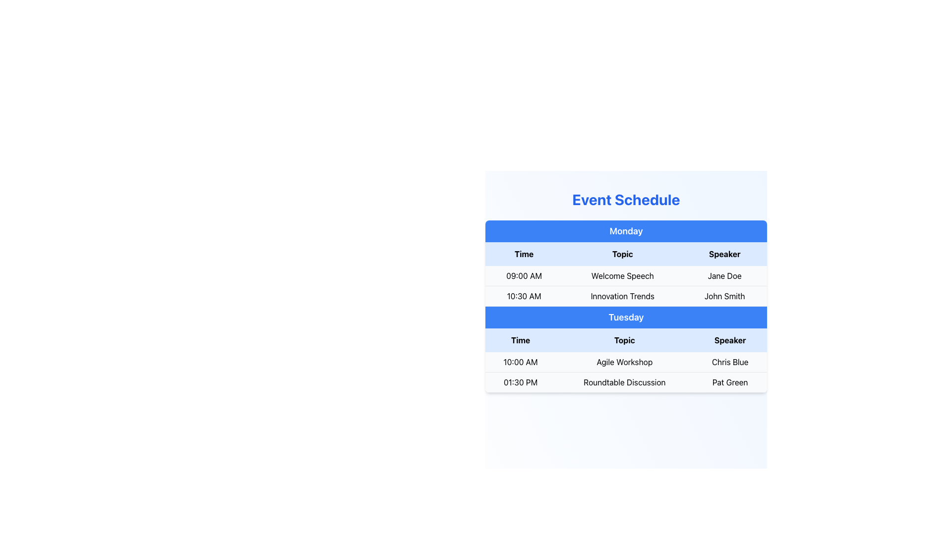  What do you see at coordinates (625, 372) in the screenshot?
I see `the last two rows of the schedule table for Tuesday, which display the start time, topic description, and speaker's name` at bounding box center [625, 372].